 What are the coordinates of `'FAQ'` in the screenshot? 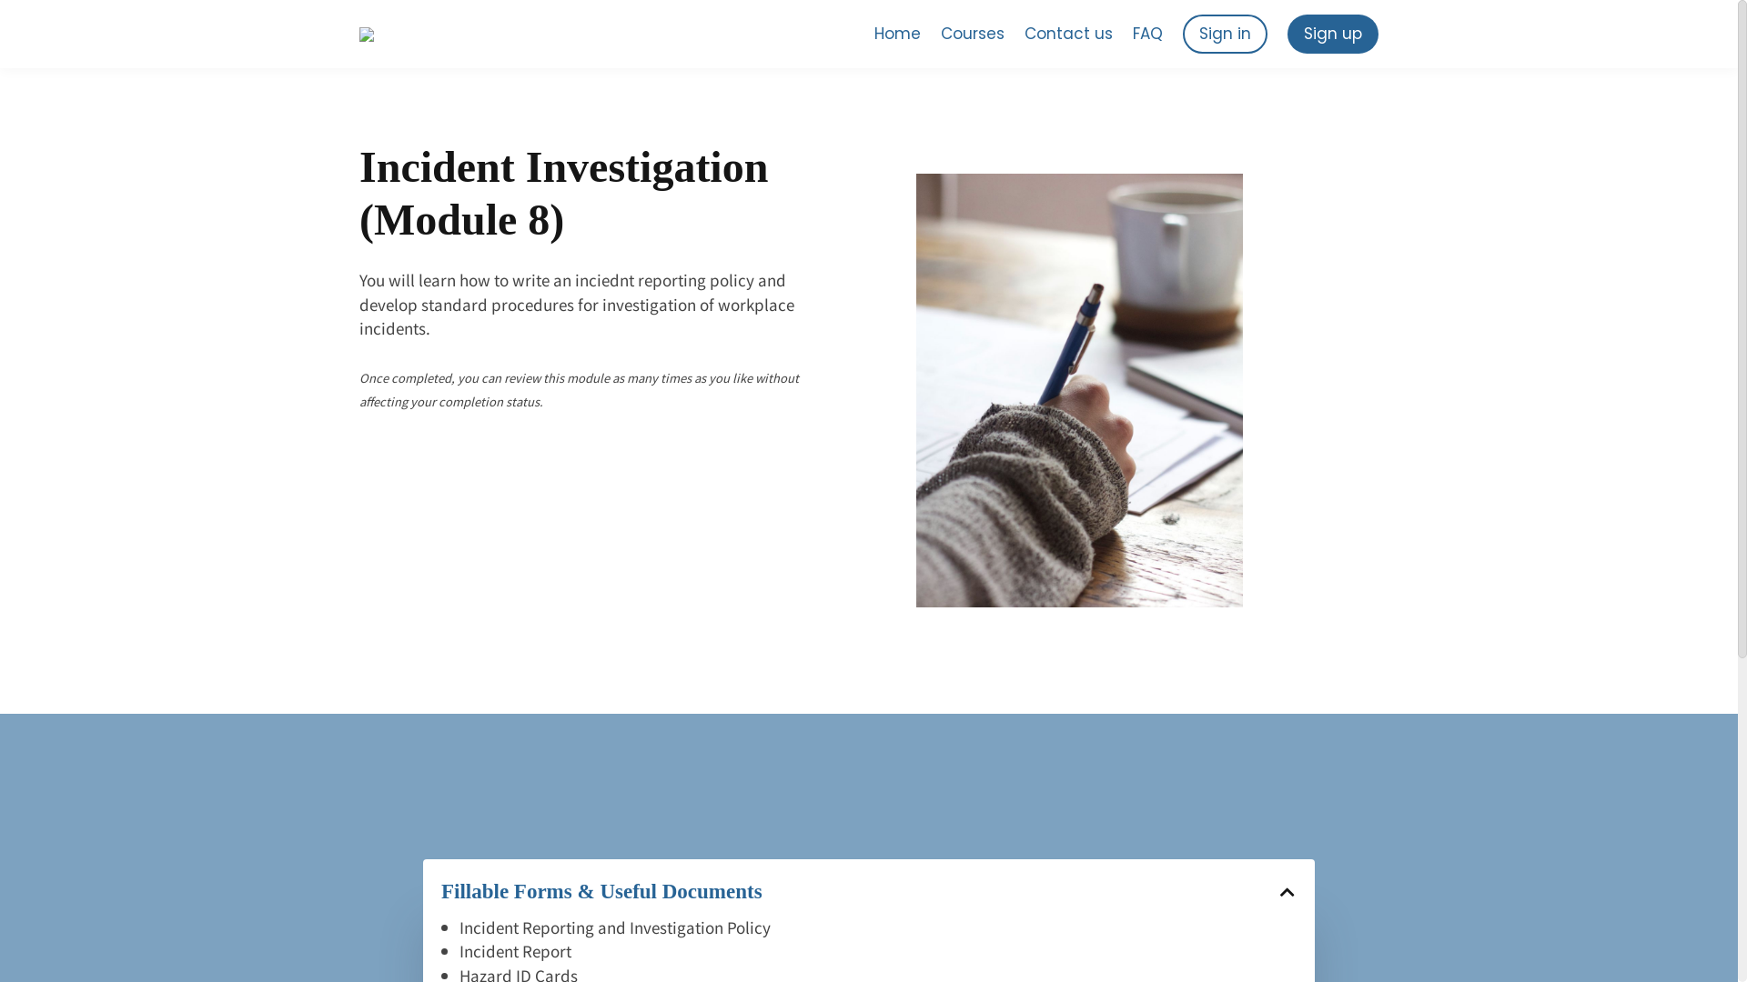 It's located at (1146, 34).